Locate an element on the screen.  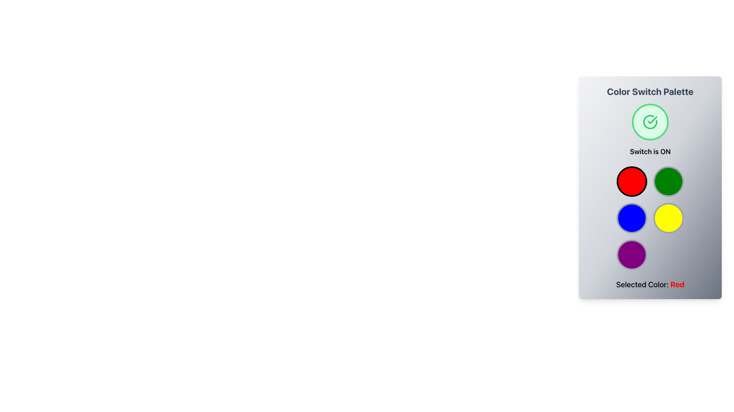
the circular button with a purple background and gray border from the bottom-left corner of the grid is located at coordinates (632, 254).